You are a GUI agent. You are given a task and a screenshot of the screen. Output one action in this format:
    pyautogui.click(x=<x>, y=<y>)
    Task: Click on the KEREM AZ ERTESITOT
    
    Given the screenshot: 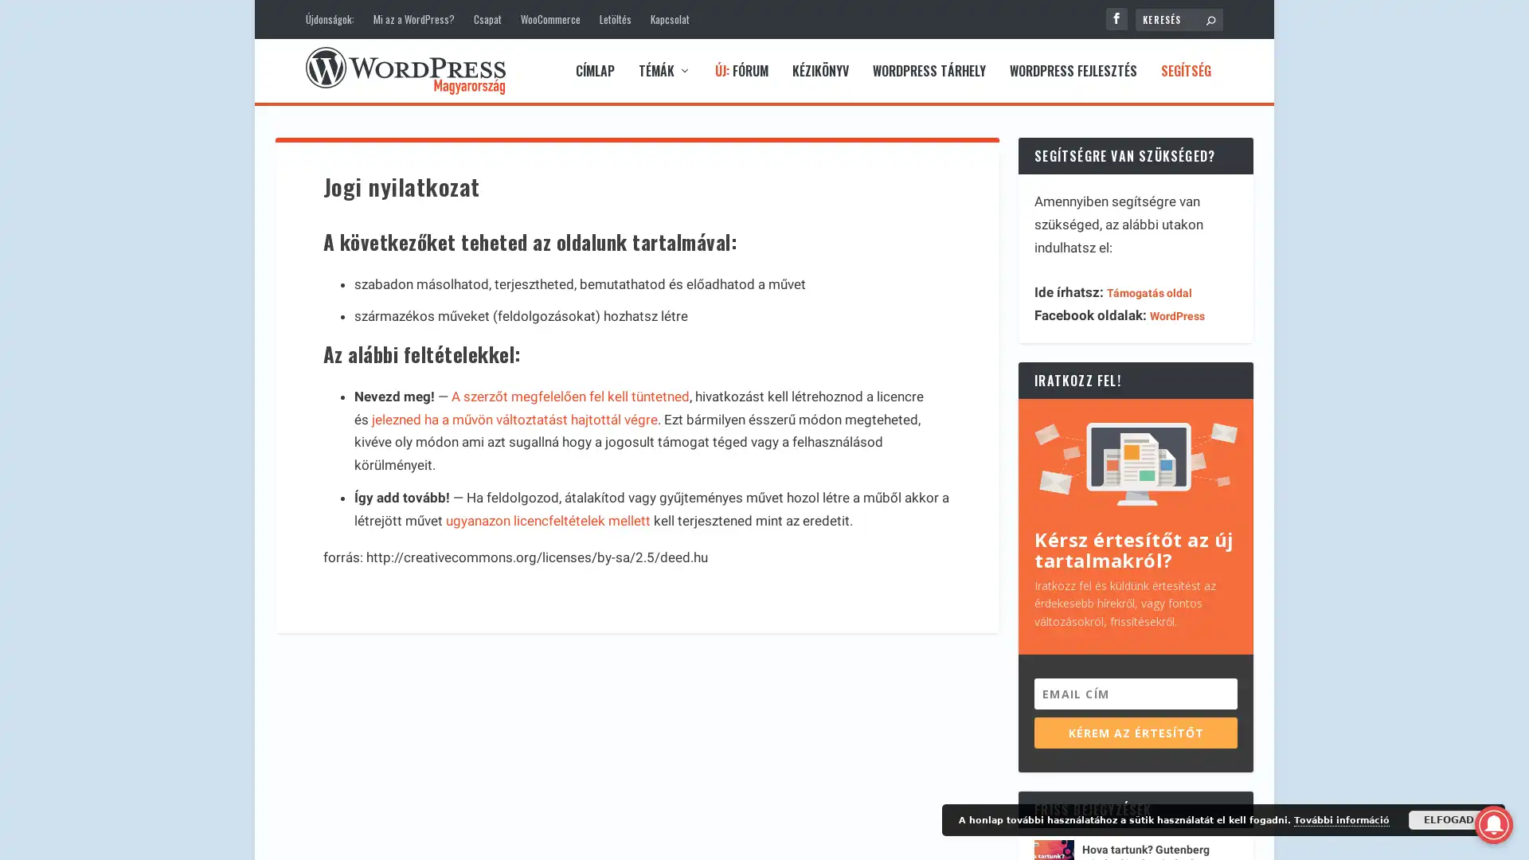 What is the action you would take?
    pyautogui.click(x=1135, y=732)
    